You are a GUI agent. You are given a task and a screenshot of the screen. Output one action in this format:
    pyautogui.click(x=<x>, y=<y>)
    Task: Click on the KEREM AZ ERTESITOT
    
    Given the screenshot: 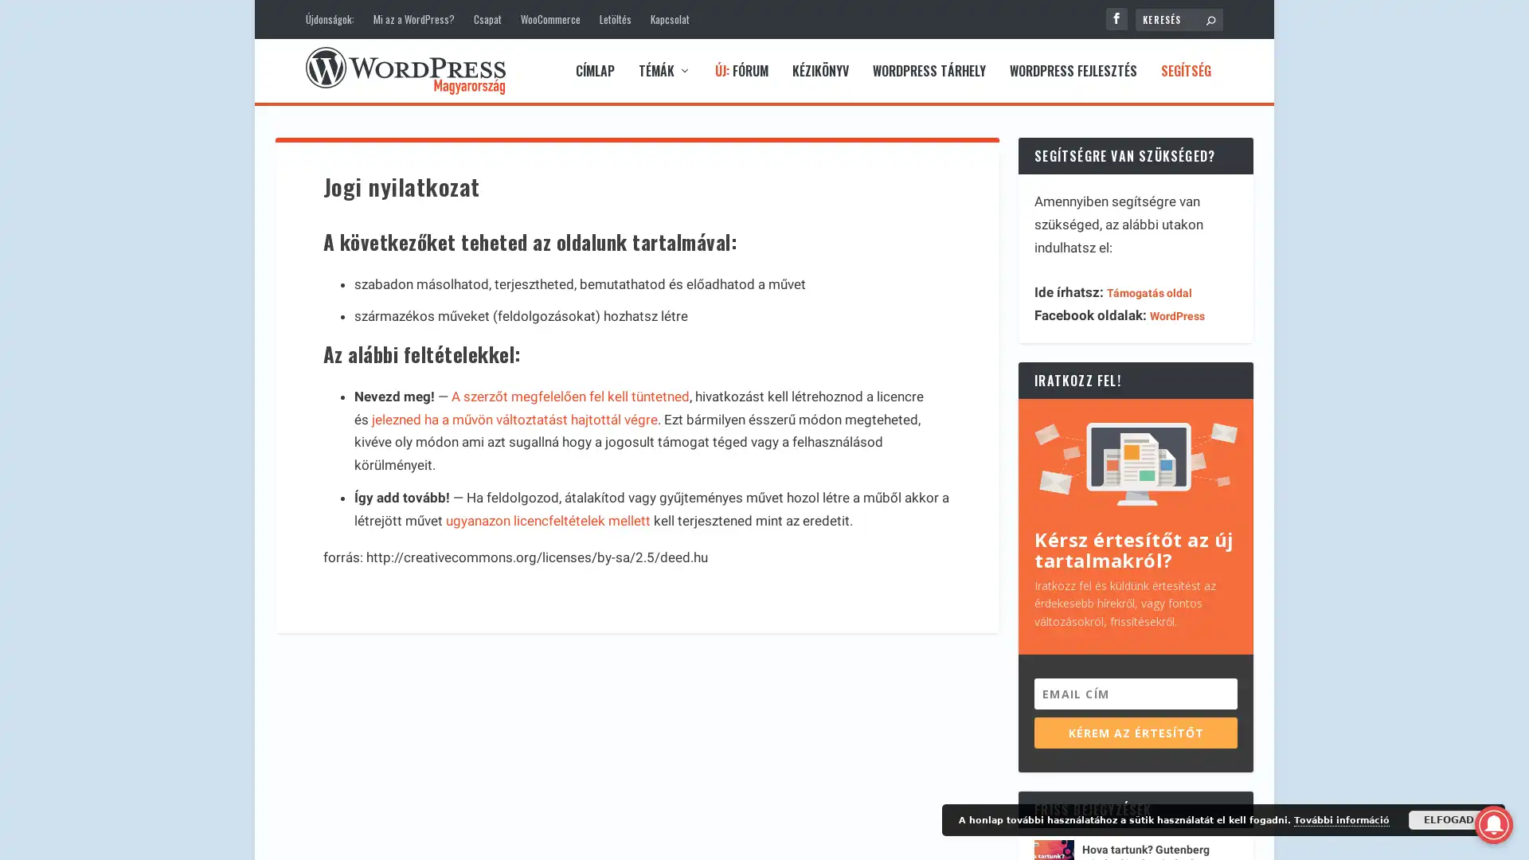 What is the action you would take?
    pyautogui.click(x=1135, y=732)
    